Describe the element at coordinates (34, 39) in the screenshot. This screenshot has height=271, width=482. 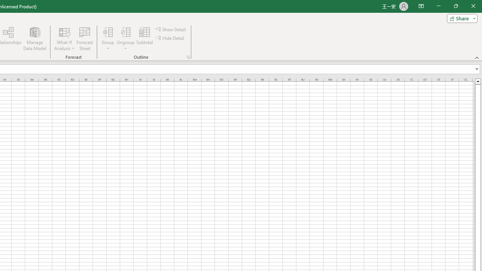
I see `'Manage Data Model'` at that location.